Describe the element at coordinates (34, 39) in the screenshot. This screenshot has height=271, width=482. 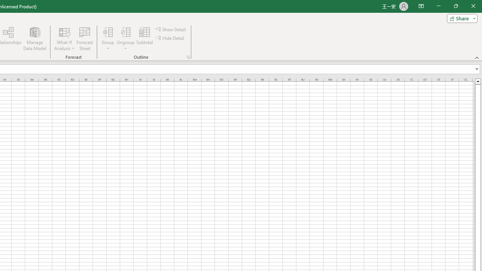
I see `'Manage Data Model'` at that location.